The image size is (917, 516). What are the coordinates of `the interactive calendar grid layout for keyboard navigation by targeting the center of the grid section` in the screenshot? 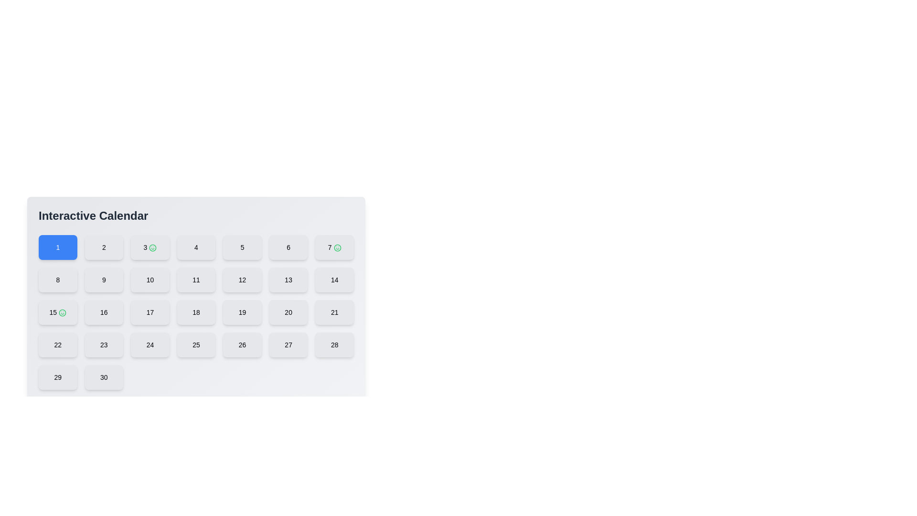 It's located at (196, 312).